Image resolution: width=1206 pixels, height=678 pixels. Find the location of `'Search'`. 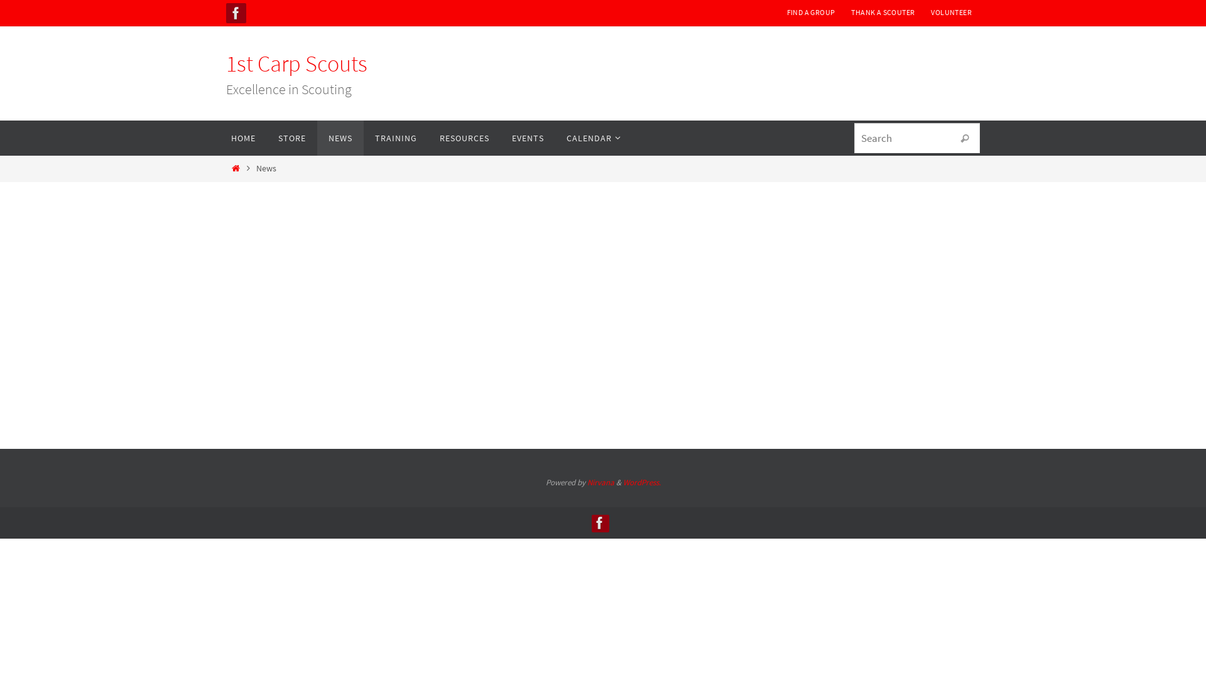

'Search' is located at coordinates (964, 138).